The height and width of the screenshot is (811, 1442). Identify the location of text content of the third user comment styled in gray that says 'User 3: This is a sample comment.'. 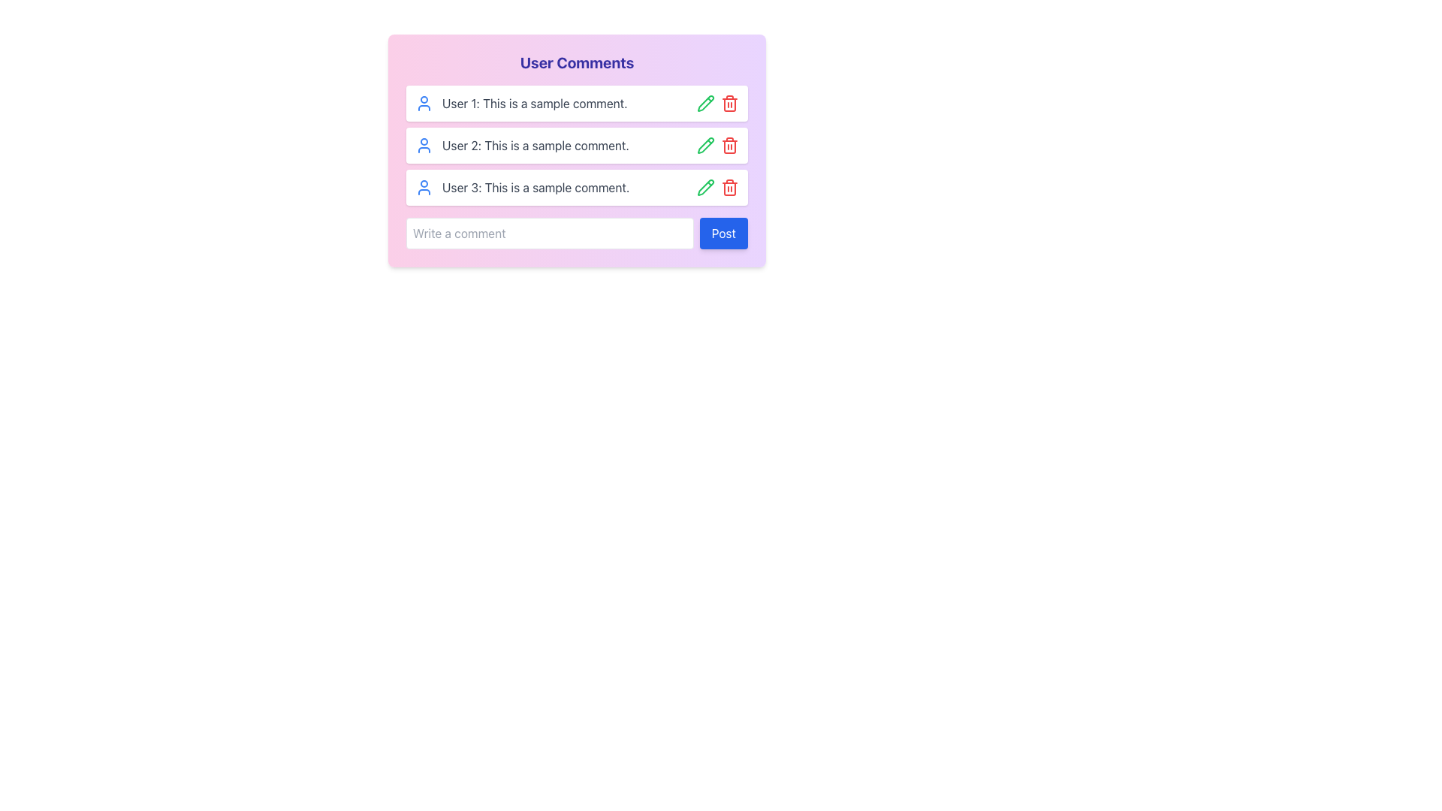
(535, 187).